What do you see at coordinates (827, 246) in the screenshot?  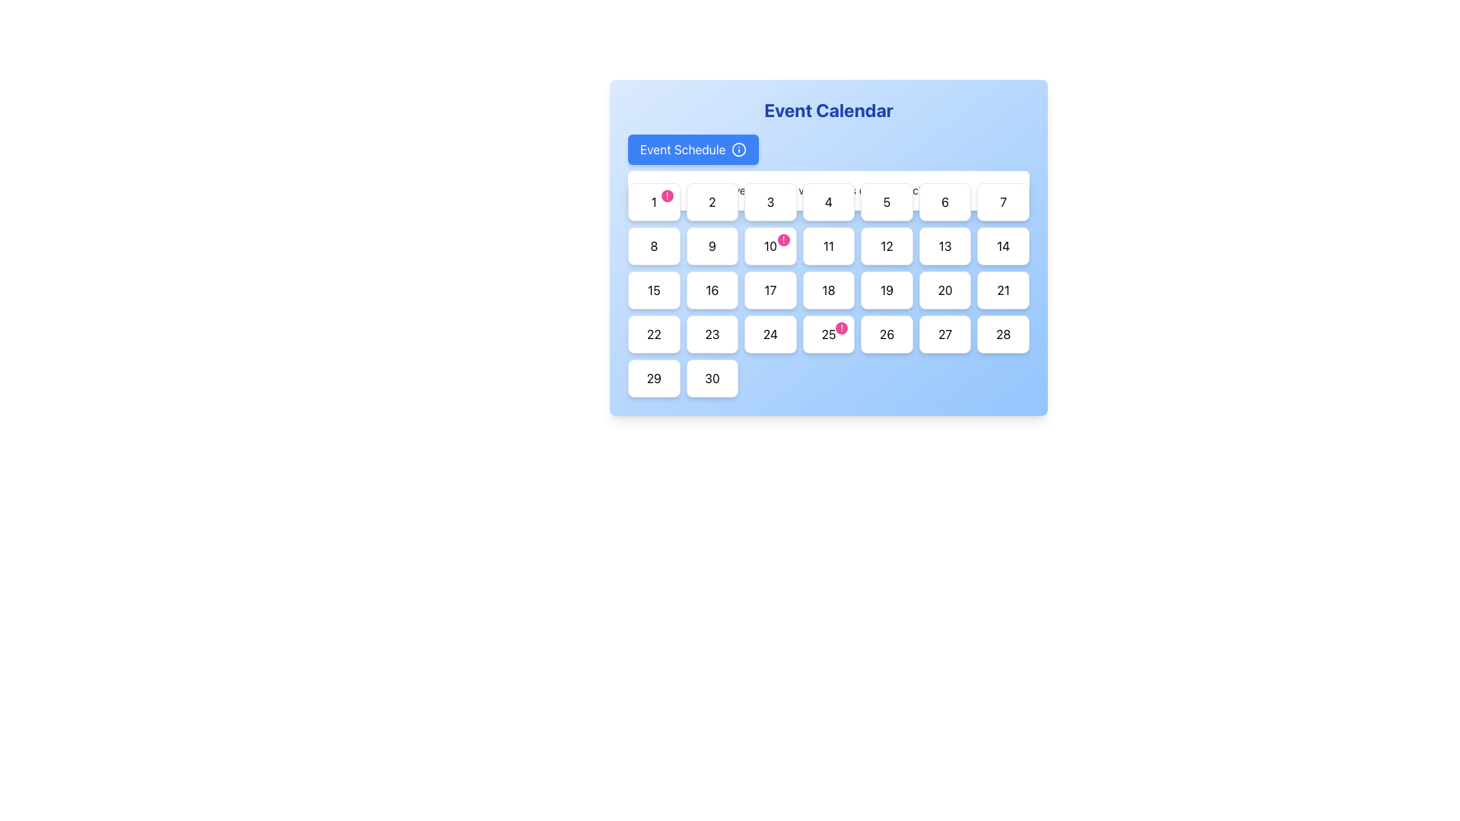 I see `the button displaying the number '11' with a white background and rounded corners` at bounding box center [827, 246].